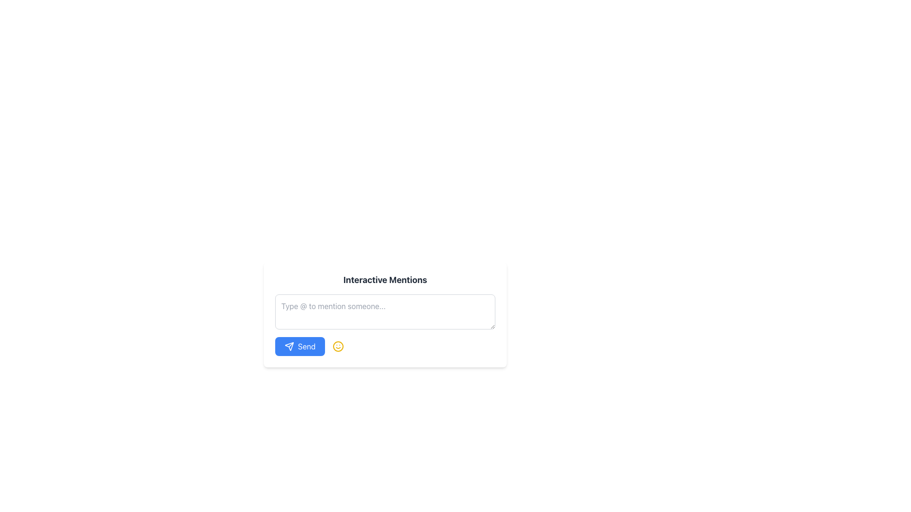  Describe the element at coordinates (338, 347) in the screenshot. I see `the circular graphic component of the smiley face icon, which is positioned to the right of the blue 'Send' button within the interactive mentions interface` at that location.